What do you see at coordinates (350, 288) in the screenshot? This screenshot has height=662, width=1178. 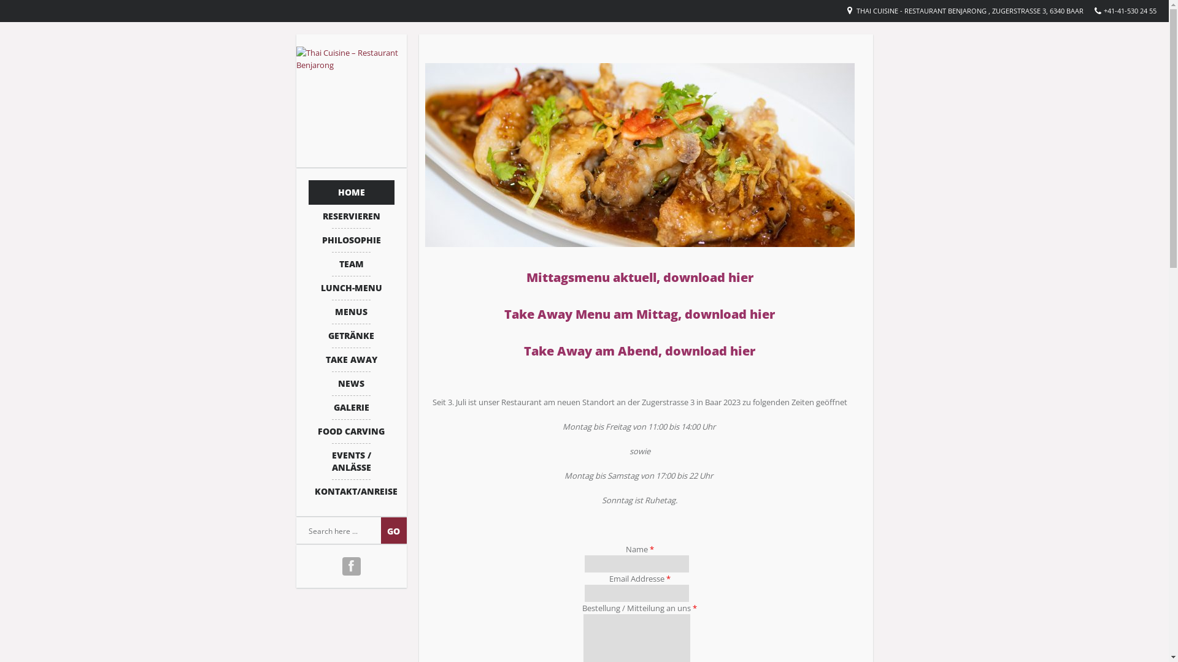 I see `'LUNCH-MENU'` at bounding box center [350, 288].